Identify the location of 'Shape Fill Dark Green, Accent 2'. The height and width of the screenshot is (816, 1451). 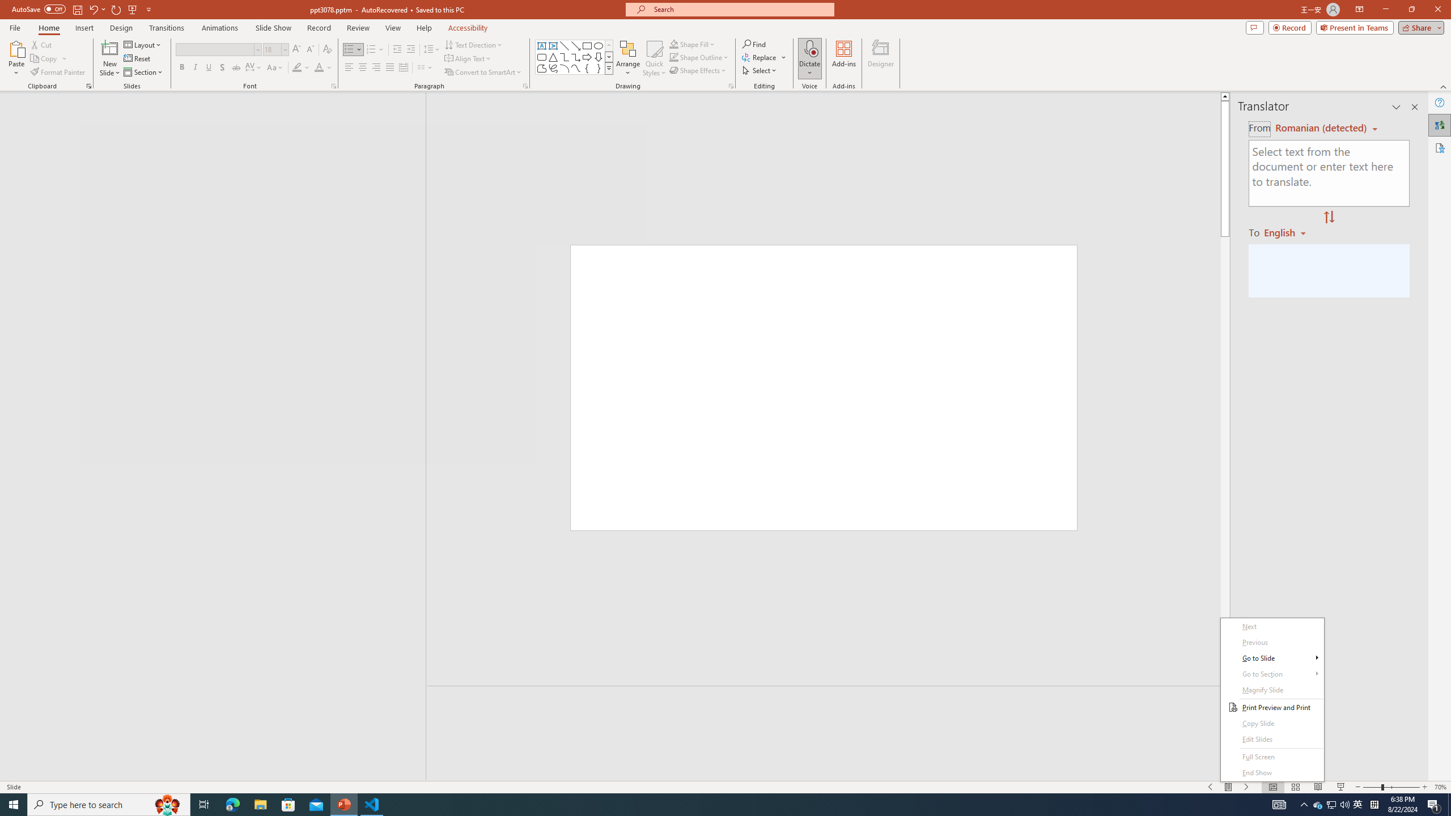
(674, 44).